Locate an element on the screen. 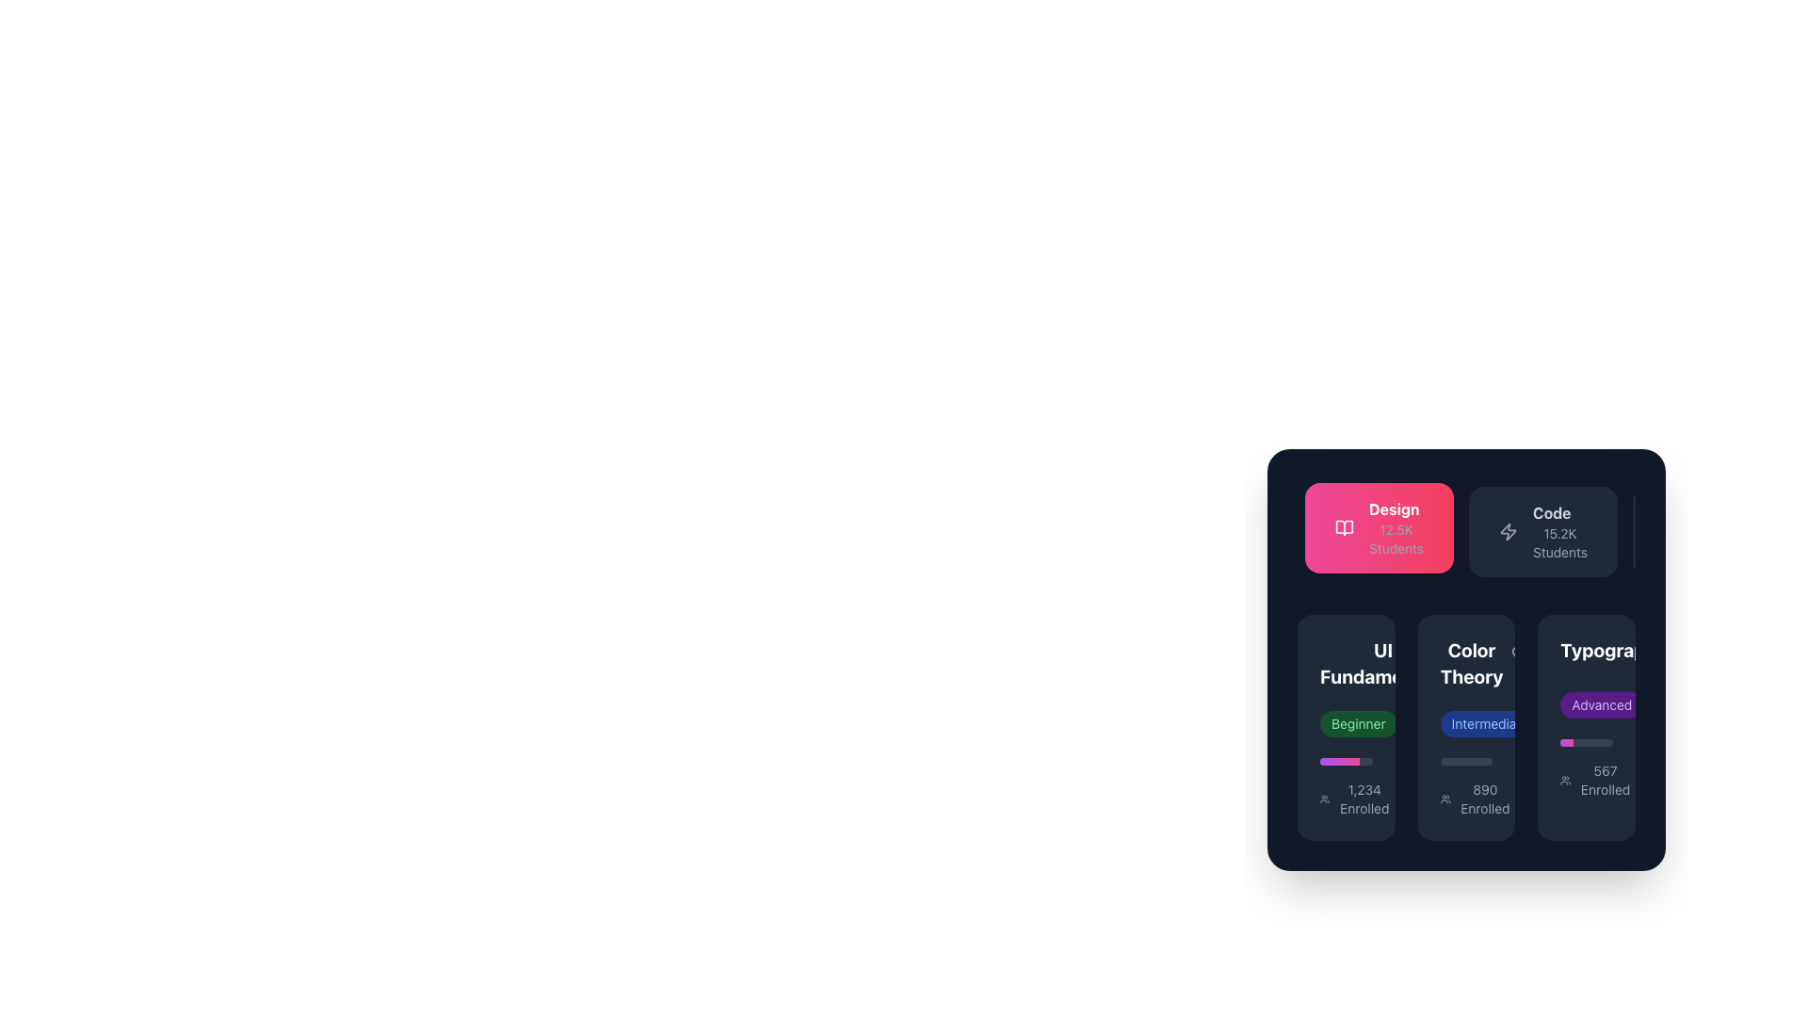 Image resolution: width=1808 pixels, height=1017 pixels. the static text label displaying '890 Enrolled', located at the bottom-center of the second card in the second row of the grid layout is located at coordinates (1484, 799).